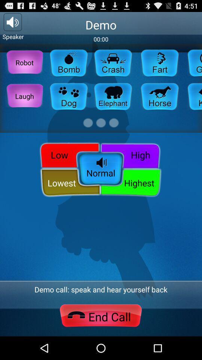 This screenshot has height=360, width=202. Describe the element at coordinates (131, 154) in the screenshot. I see `icon above demo call speak item` at that location.